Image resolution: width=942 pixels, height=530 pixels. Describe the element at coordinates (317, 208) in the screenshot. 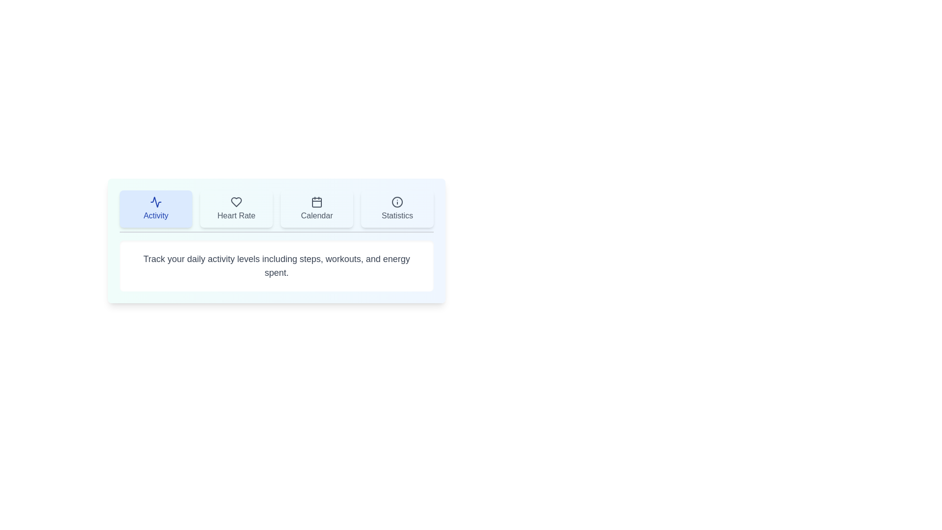

I see `the tab button labeled Calendar to observe its visual effects` at that location.